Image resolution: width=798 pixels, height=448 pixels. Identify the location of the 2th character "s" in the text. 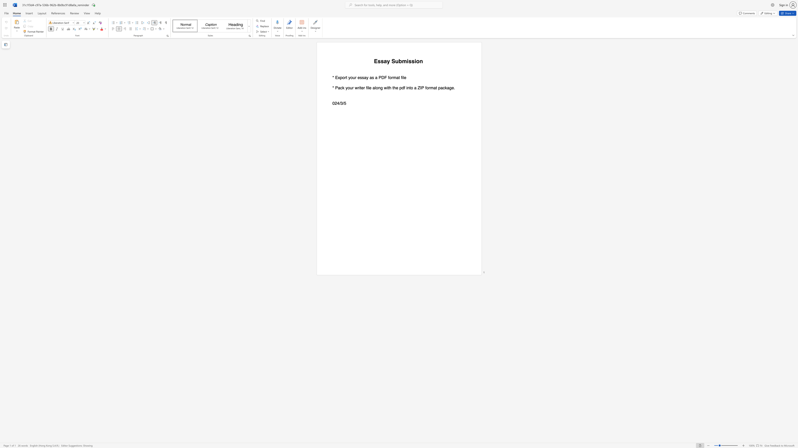
(382, 61).